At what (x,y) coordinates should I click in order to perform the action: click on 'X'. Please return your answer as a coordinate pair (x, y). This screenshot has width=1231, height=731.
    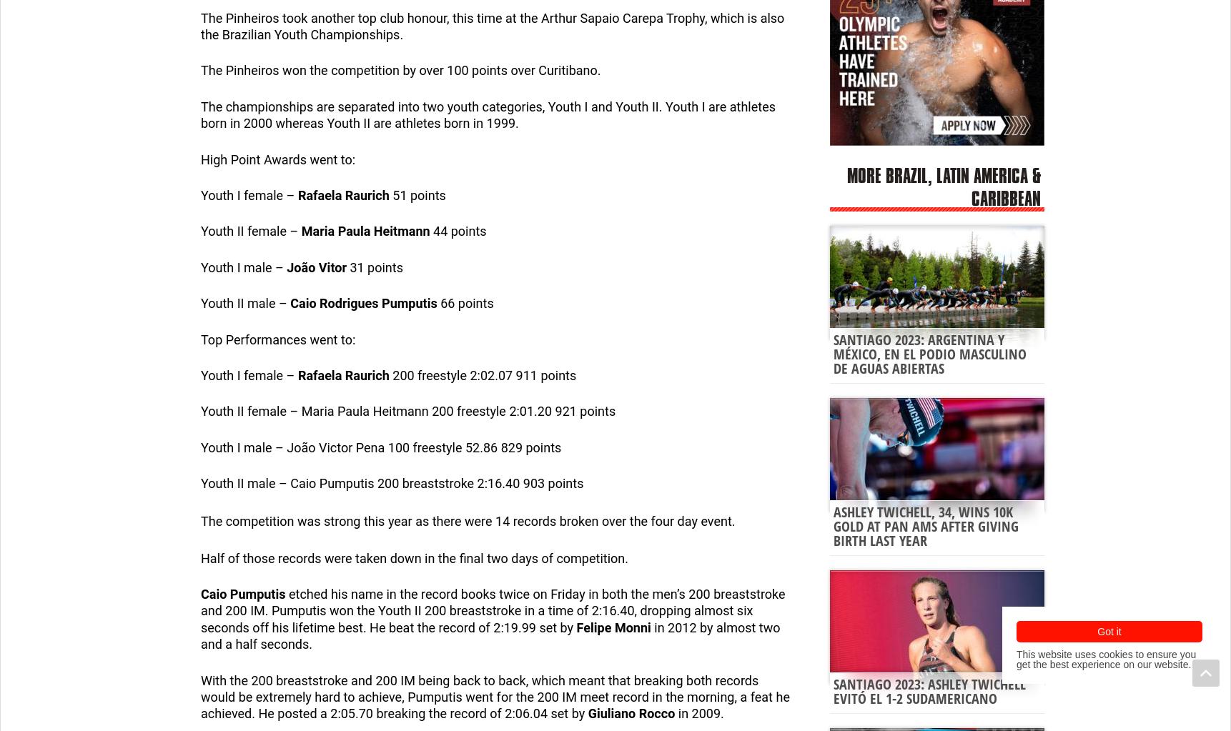
    Looking at the image, I should click on (220, 617).